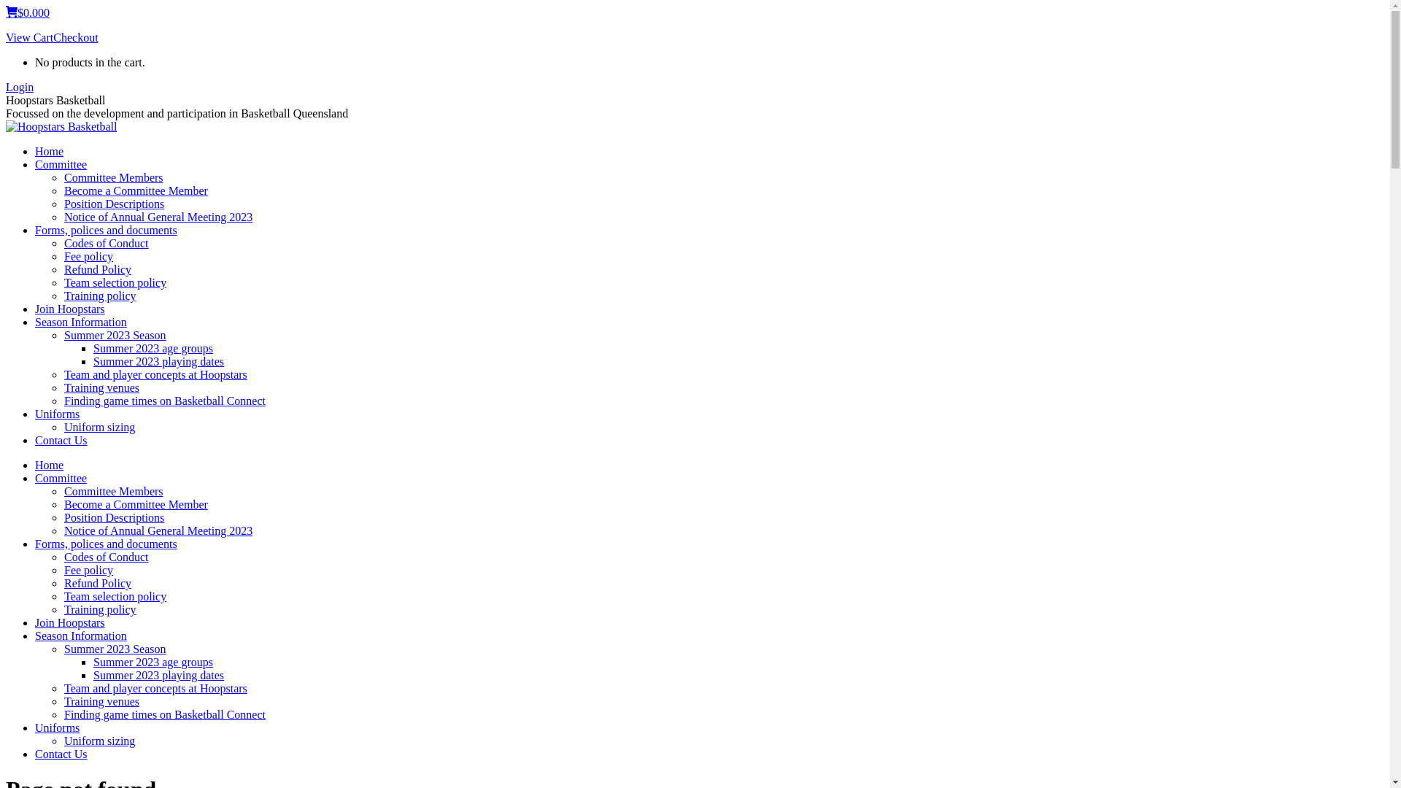 This screenshot has width=1401, height=788. I want to click on 'Summer 2023 playing dates', so click(158, 361).